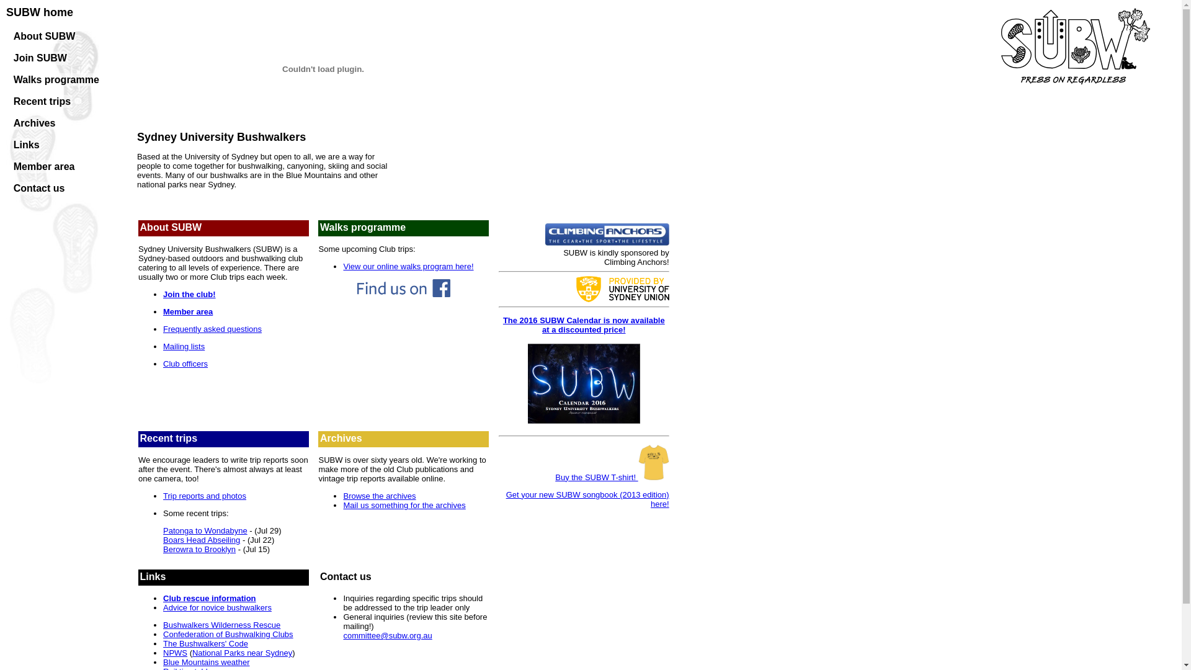 Image resolution: width=1191 pixels, height=670 pixels. Describe the element at coordinates (221, 625) in the screenshot. I see `'Bushwalkers Wilderness Rescue'` at that location.